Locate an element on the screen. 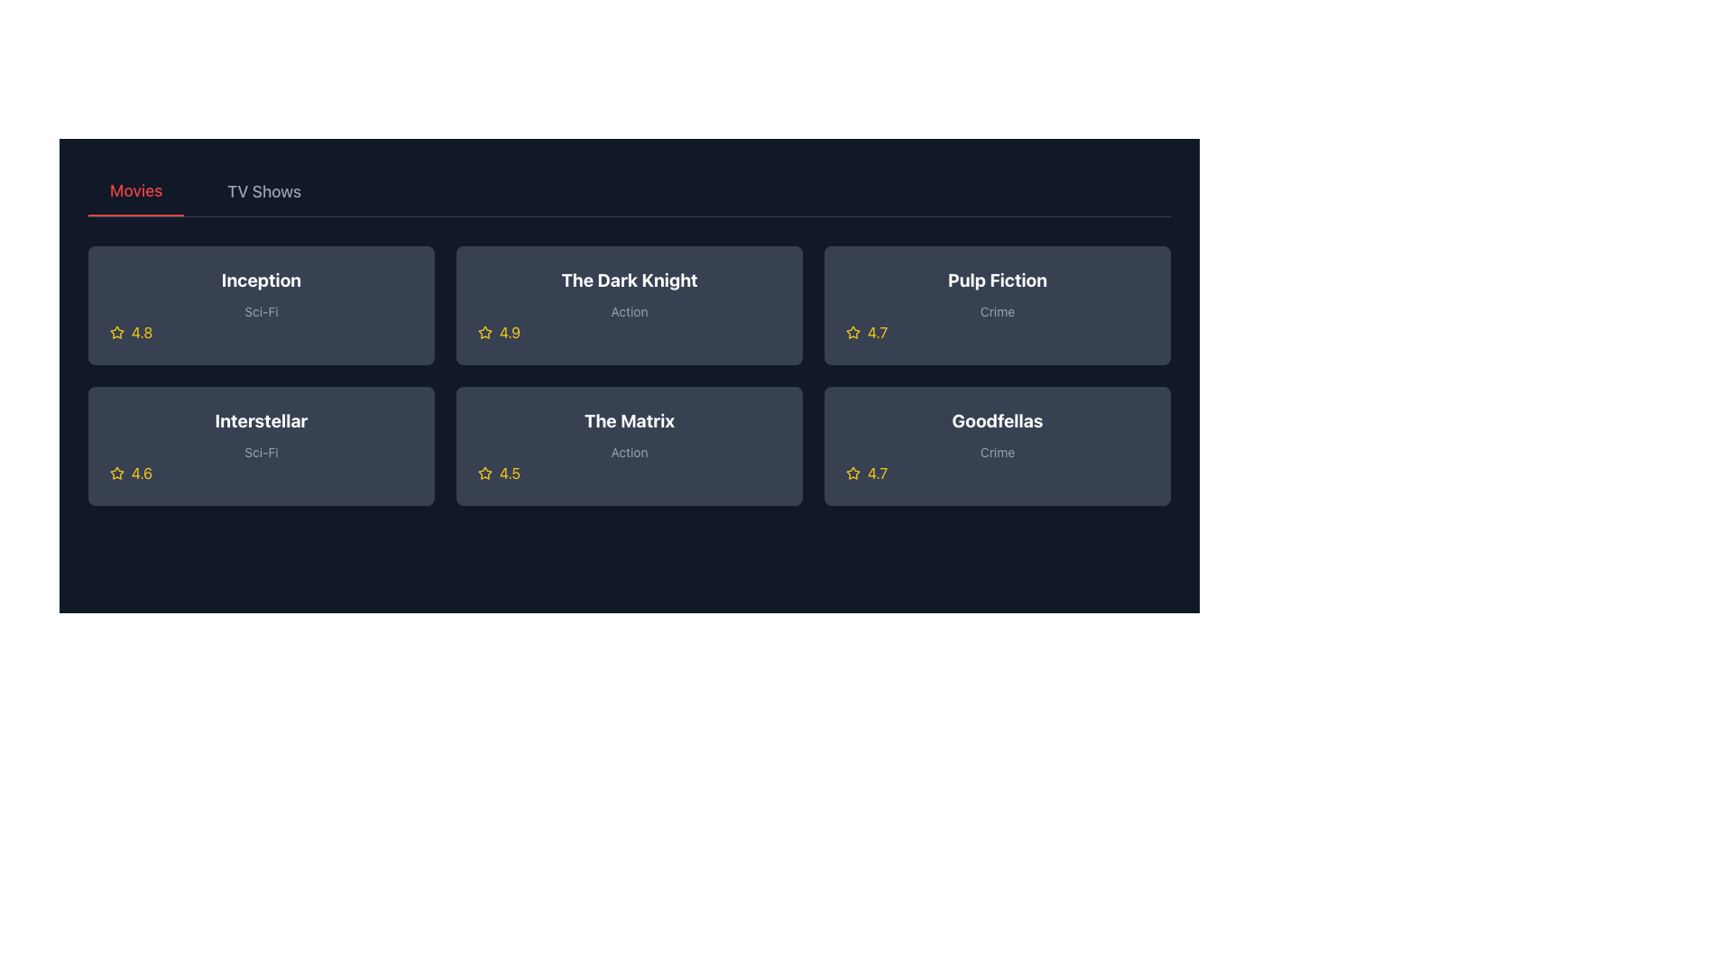 The width and height of the screenshot is (1732, 974). text displayed in the numerical rating label located in the bottom right corner of the 'Goodfellas' movie card, next to the star-shaped rating icon is located at coordinates (878, 472).